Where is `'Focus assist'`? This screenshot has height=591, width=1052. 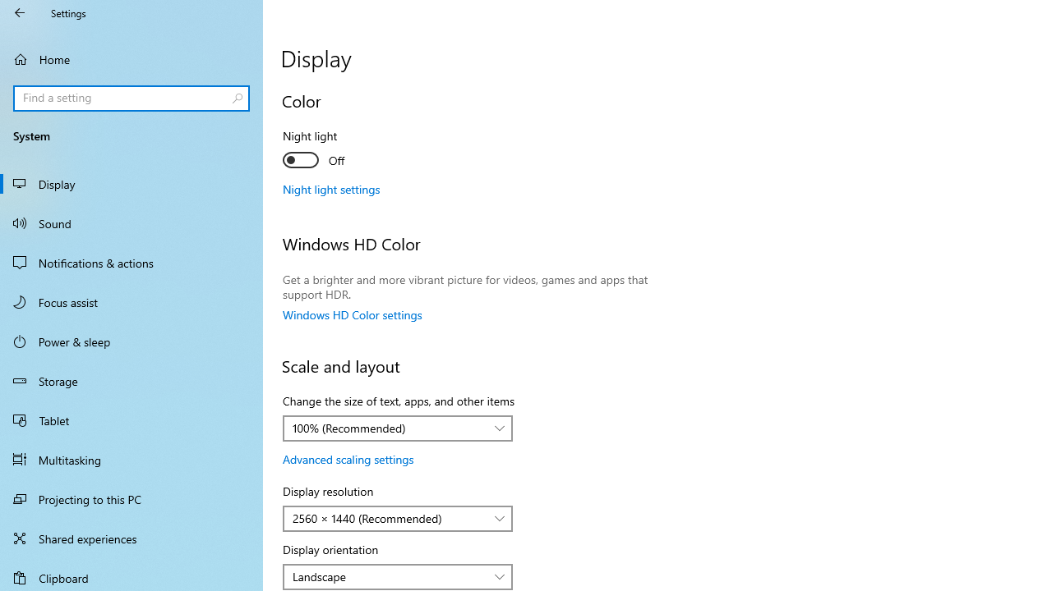 'Focus assist' is located at coordinates (131, 301).